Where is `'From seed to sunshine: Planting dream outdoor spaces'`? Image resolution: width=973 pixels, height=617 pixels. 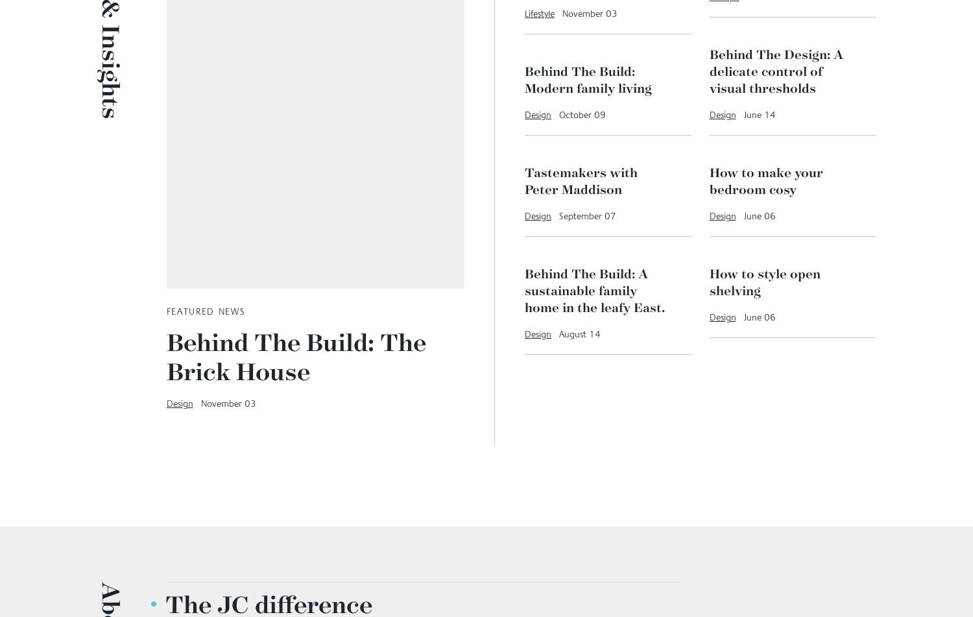
'From seed to sunshine: Planting dream outdoor spaces' is located at coordinates (599, 102).